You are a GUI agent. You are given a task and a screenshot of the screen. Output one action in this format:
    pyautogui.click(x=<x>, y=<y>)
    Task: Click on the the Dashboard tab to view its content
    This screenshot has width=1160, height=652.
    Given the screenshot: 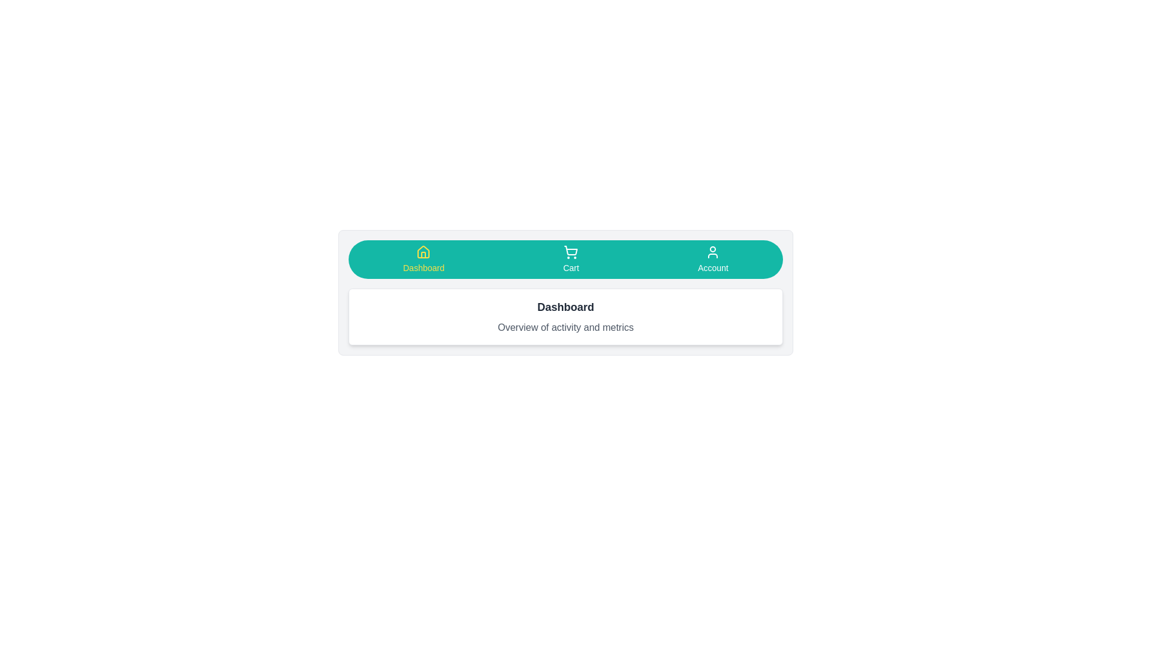 What is the action you would take?
    pyautogui.click(x=424, y=258)
    